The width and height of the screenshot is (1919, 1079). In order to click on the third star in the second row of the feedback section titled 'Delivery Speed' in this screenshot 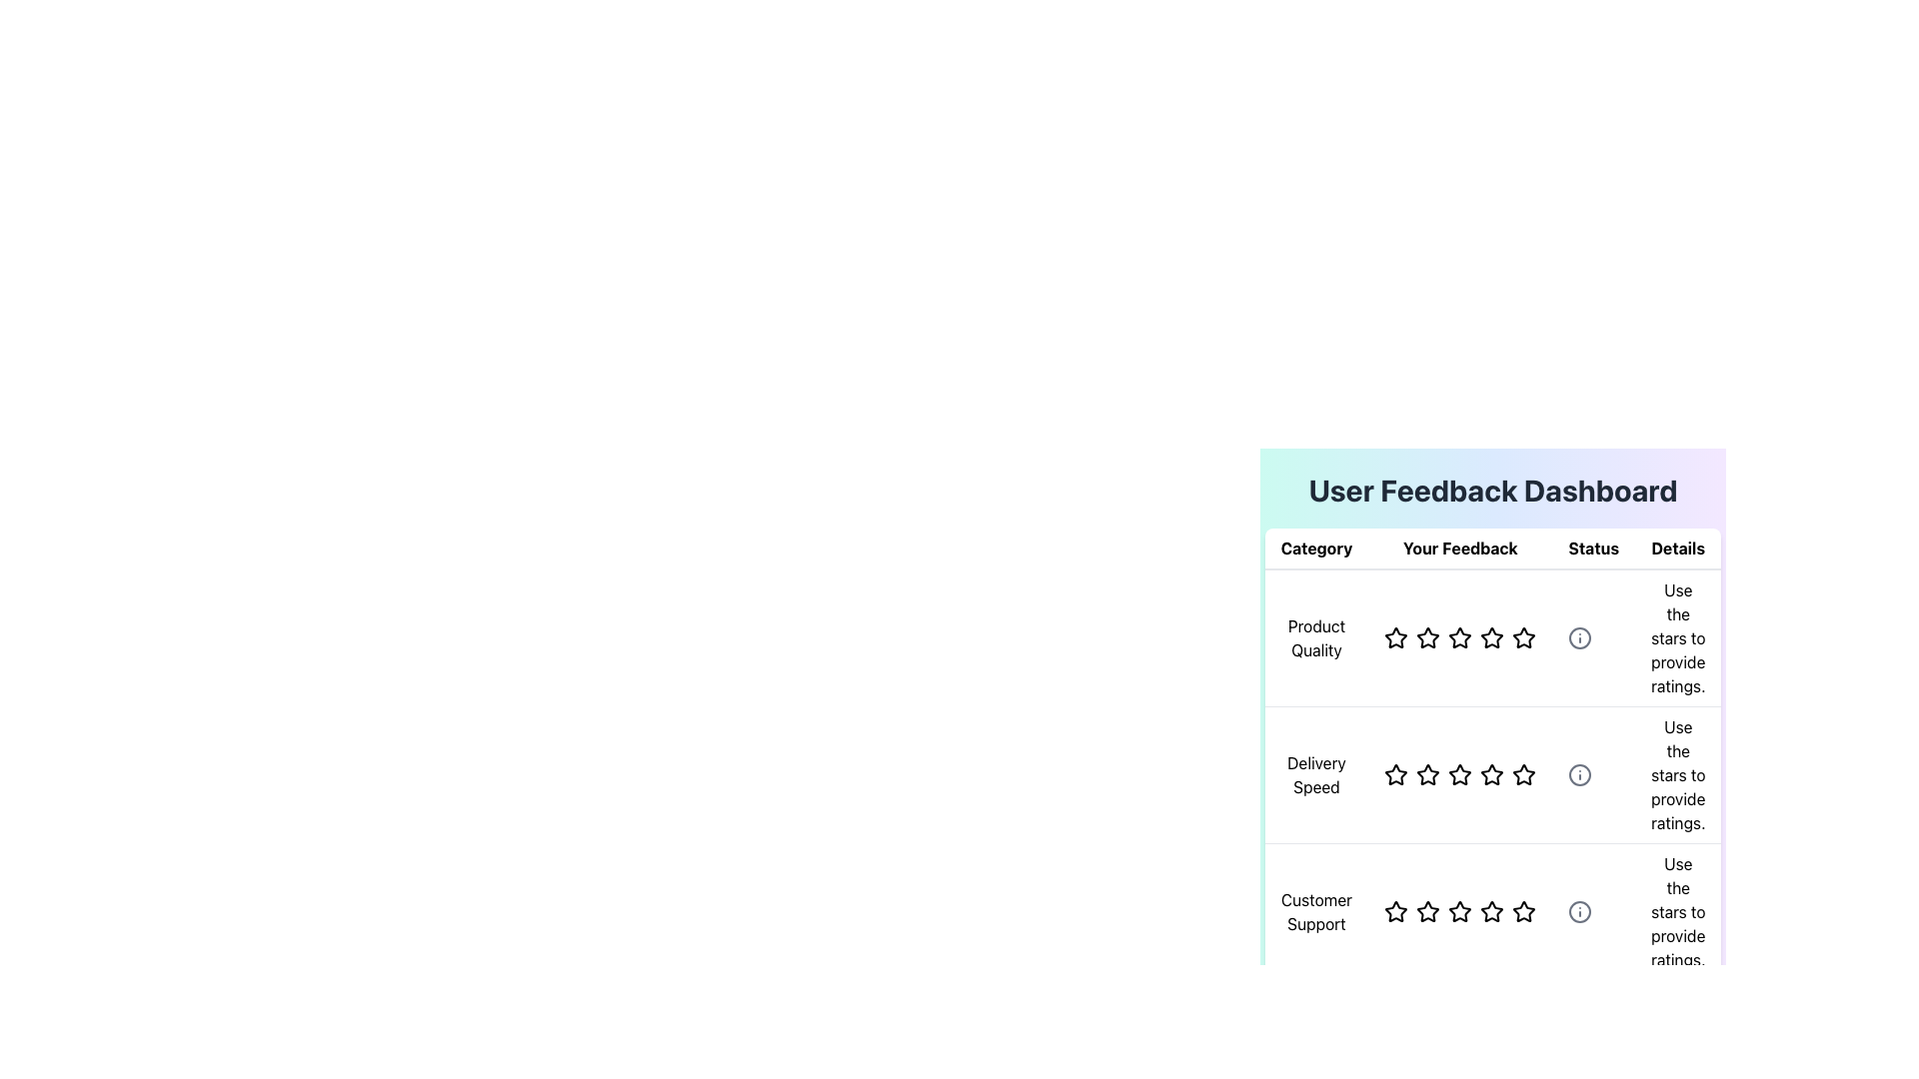, I will do `click(1460, 773)`.